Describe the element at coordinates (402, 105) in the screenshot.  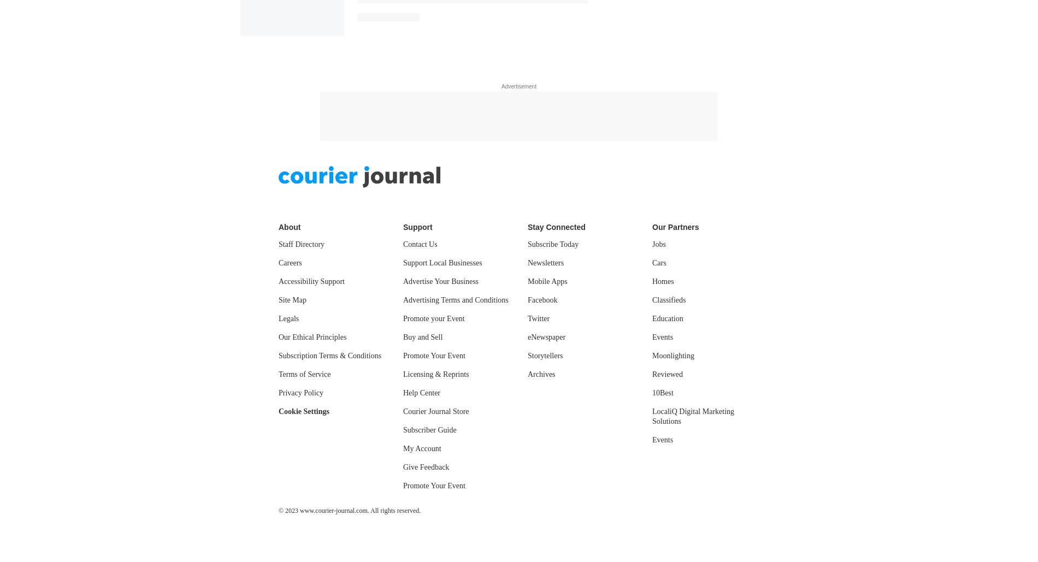
I see `'Courier Journal Store'` at that location.